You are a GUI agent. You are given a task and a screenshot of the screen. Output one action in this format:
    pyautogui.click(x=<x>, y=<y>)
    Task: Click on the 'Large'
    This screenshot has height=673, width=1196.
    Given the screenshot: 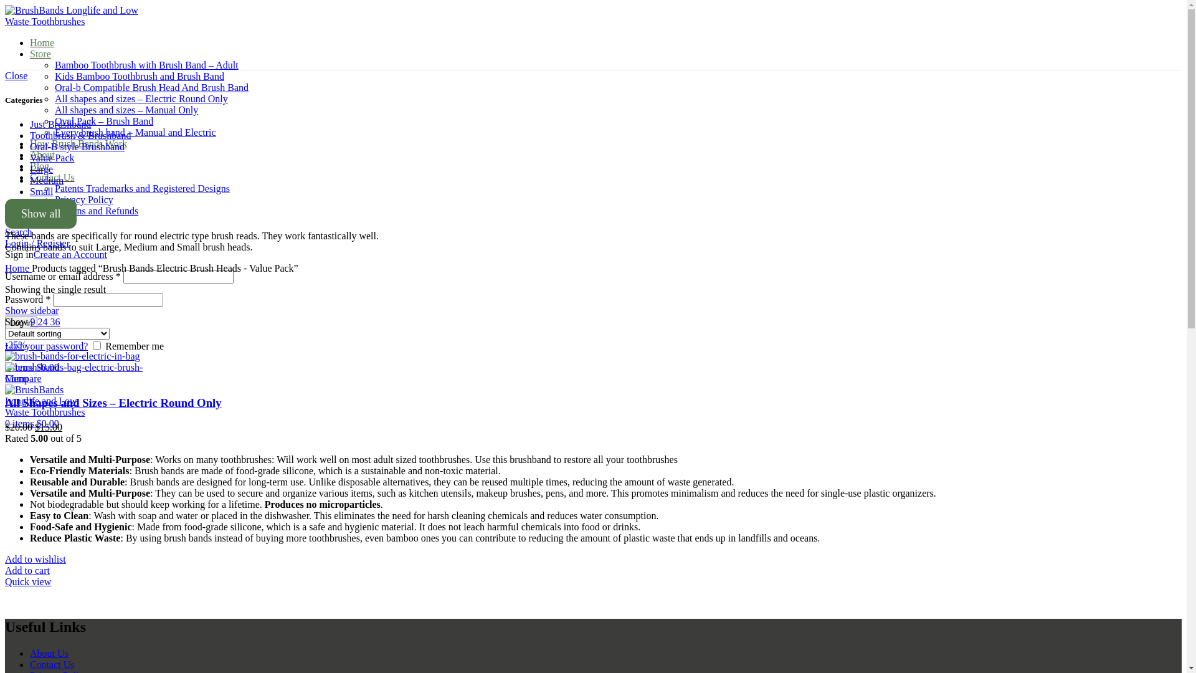 What is the action you would take?
    pyautogui.click(x=41, y=169)
    